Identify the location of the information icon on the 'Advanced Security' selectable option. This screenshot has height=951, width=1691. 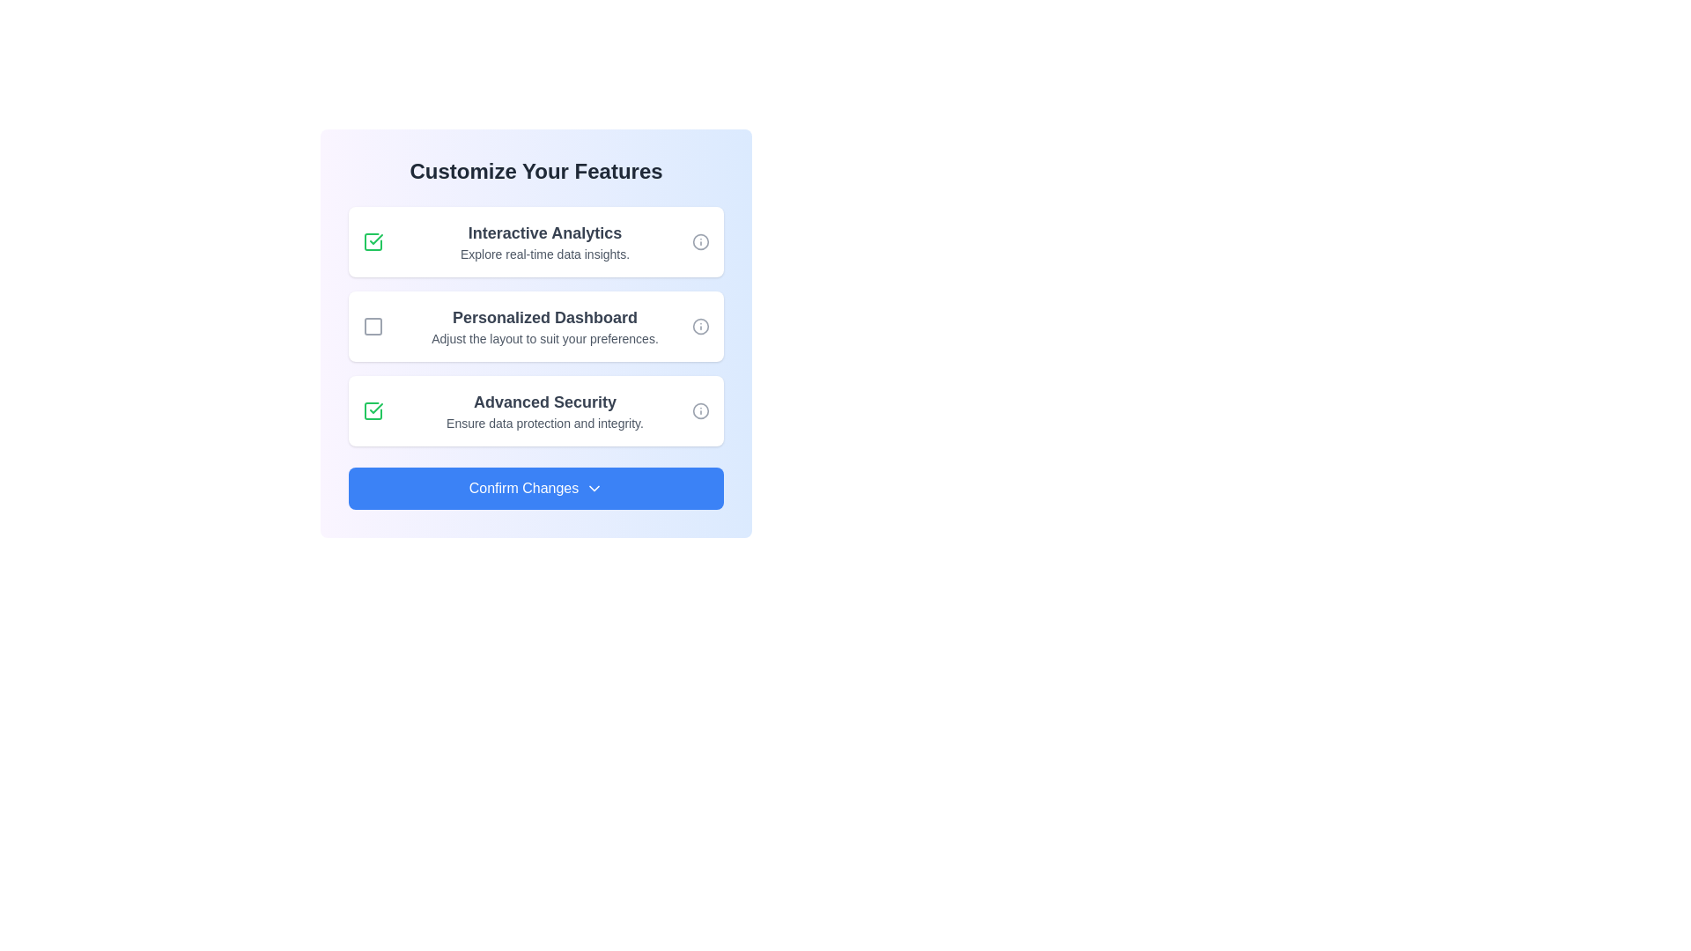
(535, 410).